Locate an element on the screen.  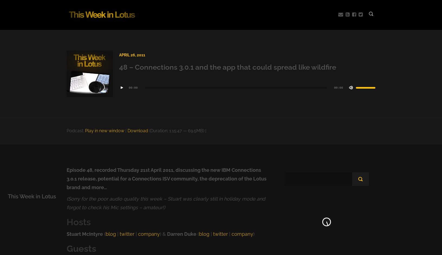
')' is located at coordinates (254, 234).